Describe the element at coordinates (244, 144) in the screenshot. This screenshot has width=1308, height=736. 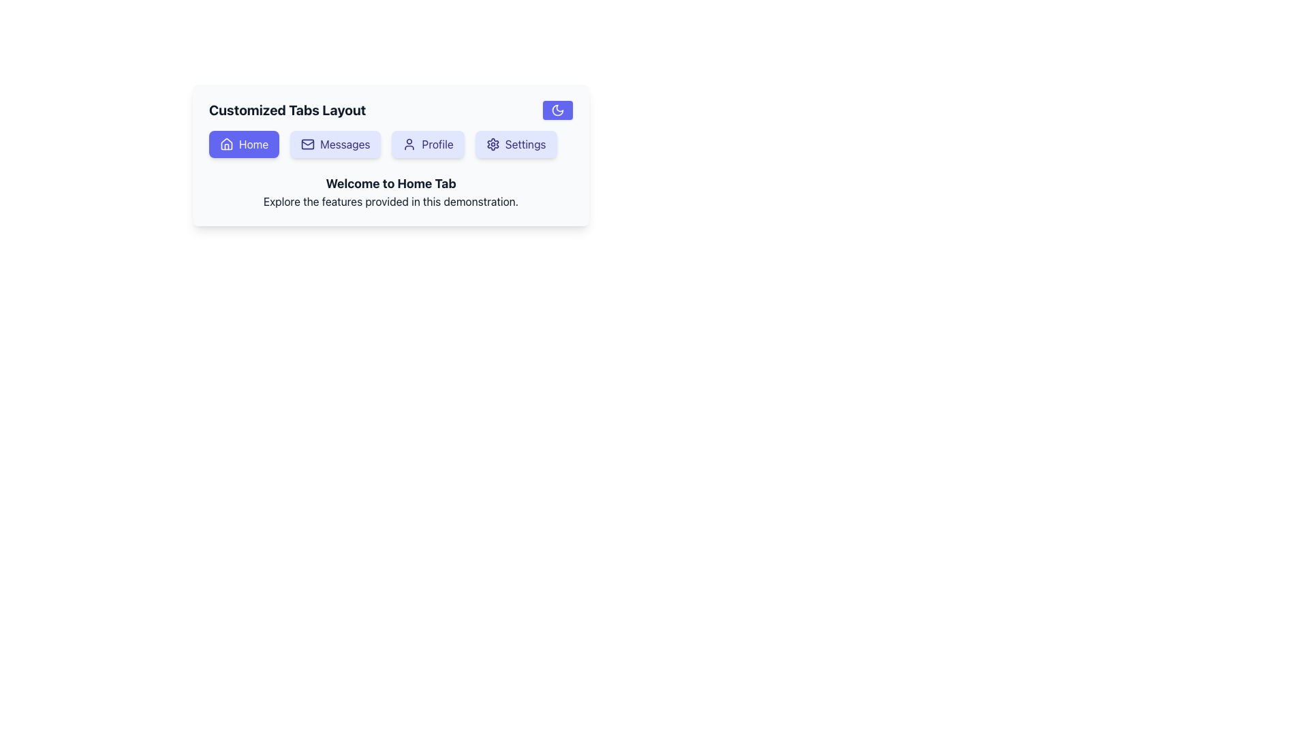
I see `the 'Home' button` at that location.